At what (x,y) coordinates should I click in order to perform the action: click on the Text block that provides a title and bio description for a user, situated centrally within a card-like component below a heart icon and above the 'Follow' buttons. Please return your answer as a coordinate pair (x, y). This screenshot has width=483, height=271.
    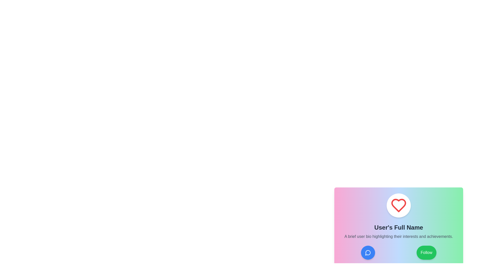
    Looking at the image, I should click on (398, 231).